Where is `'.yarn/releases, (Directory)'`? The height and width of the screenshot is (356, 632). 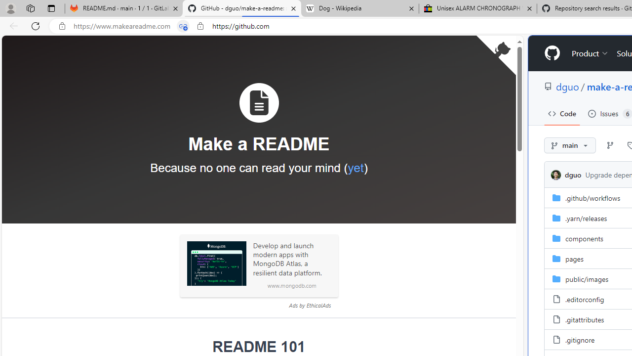
'.yarn/releases, (Directory)' is located at coordinates (586, 218).